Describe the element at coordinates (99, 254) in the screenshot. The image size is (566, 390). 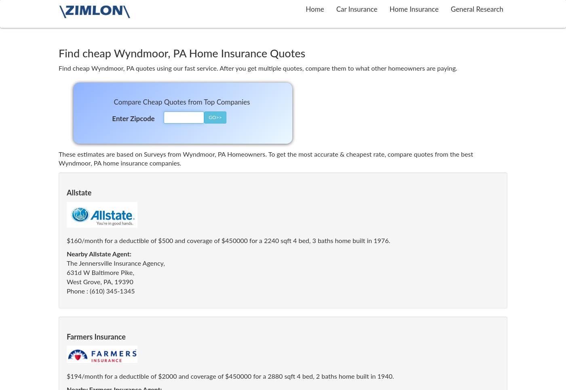
I see `'Nearby Allstate Agent:'` at that location.